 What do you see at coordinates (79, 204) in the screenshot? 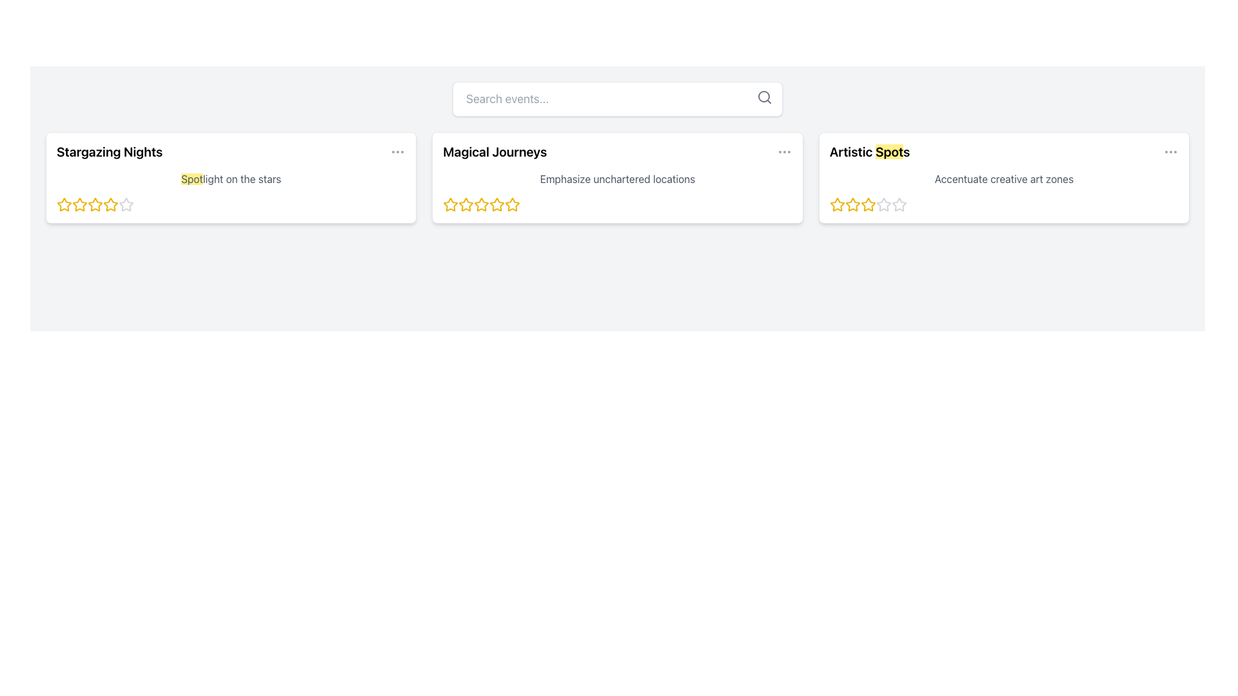
I see `the first star-shaped icon with a yellow outline in the rating system below the title 'Stargazing Nights'` at bounding box center [79, 204].